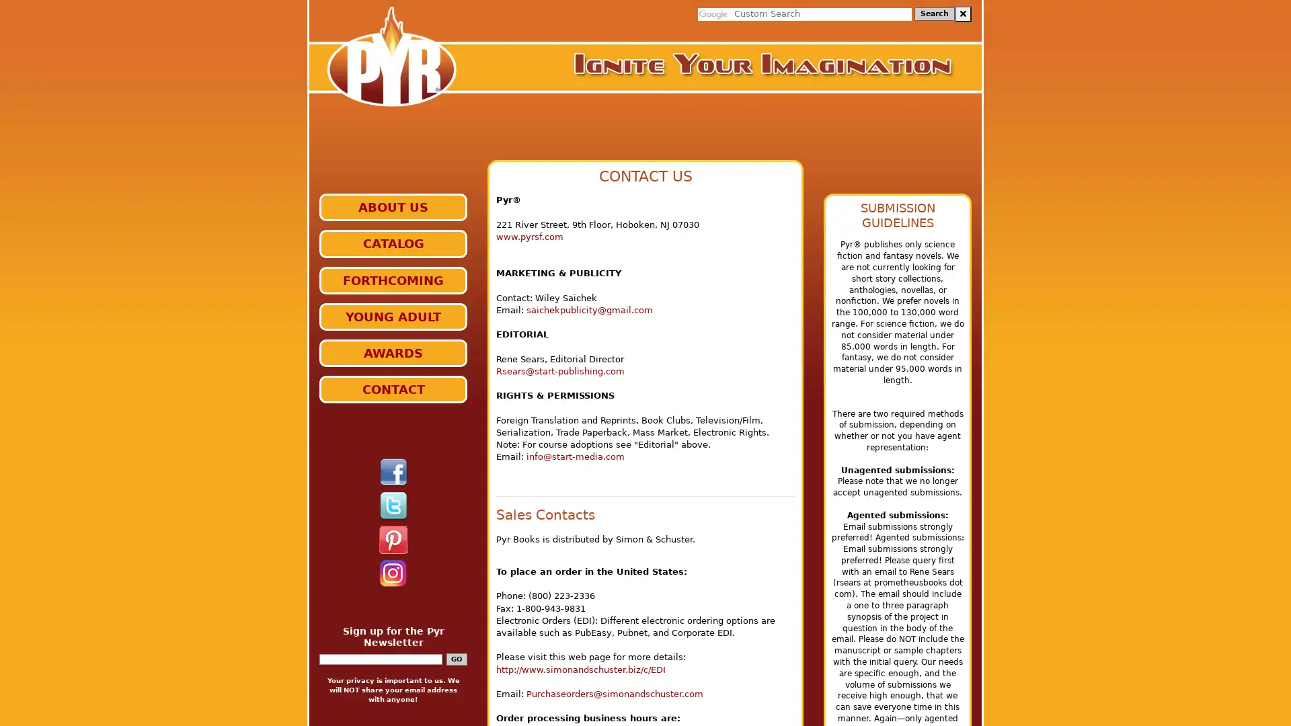 This screenshot has height=726, width=1291. I want to click on Search, so click(934, 13).